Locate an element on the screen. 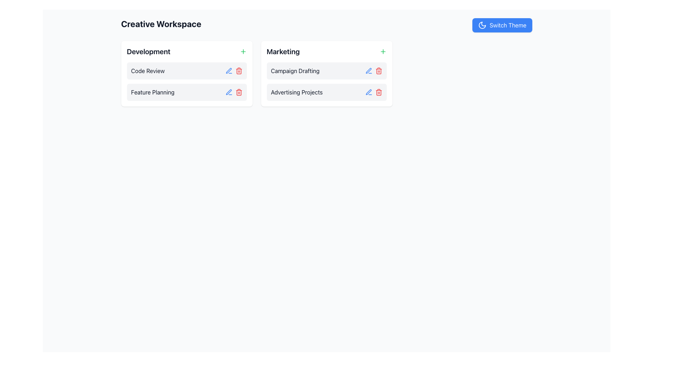 The height and width of the screenshot is (385, 685). the 'Development' header text element, which is displayed in bold and larger font, positioned near the left edge above the list items is located at coordinates (148, 51).